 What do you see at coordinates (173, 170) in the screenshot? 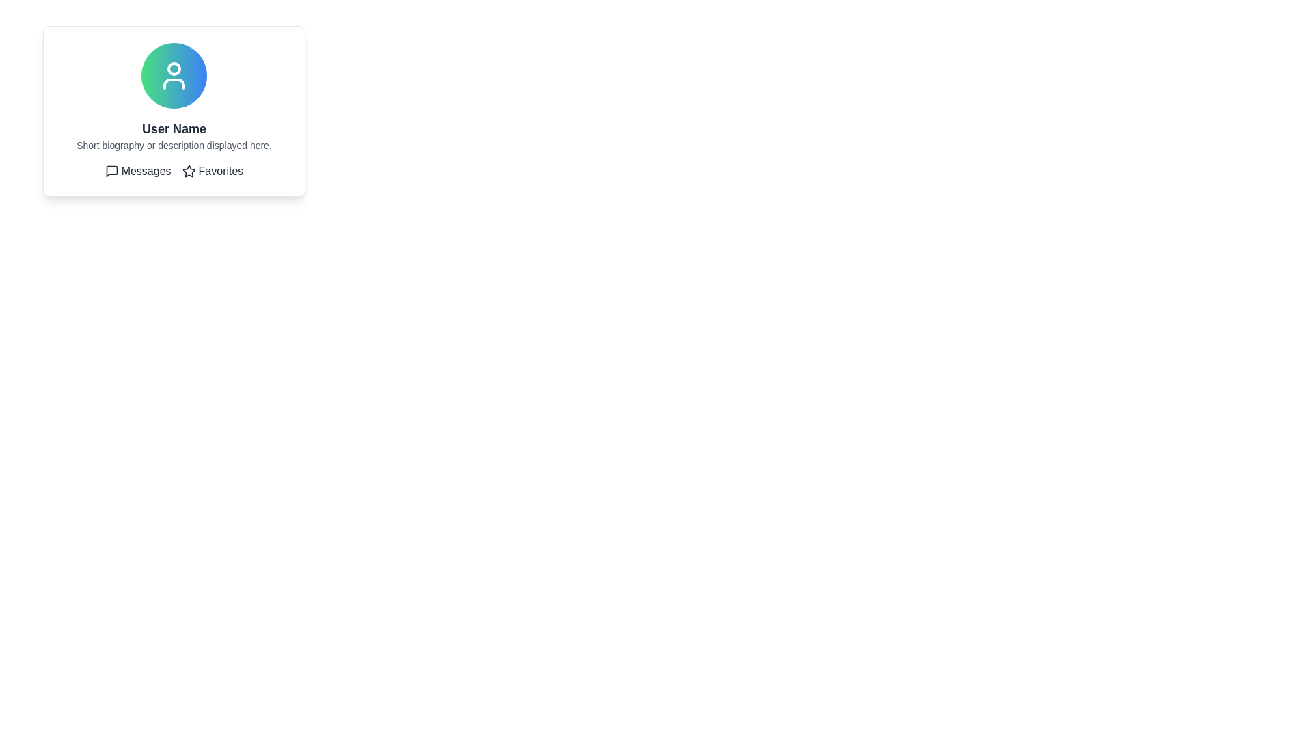
I see `the navigation or action bar icons or text located at the bottom of the user profile card, specifically positioned below the user name and biography` at bounding box center [173, 170].